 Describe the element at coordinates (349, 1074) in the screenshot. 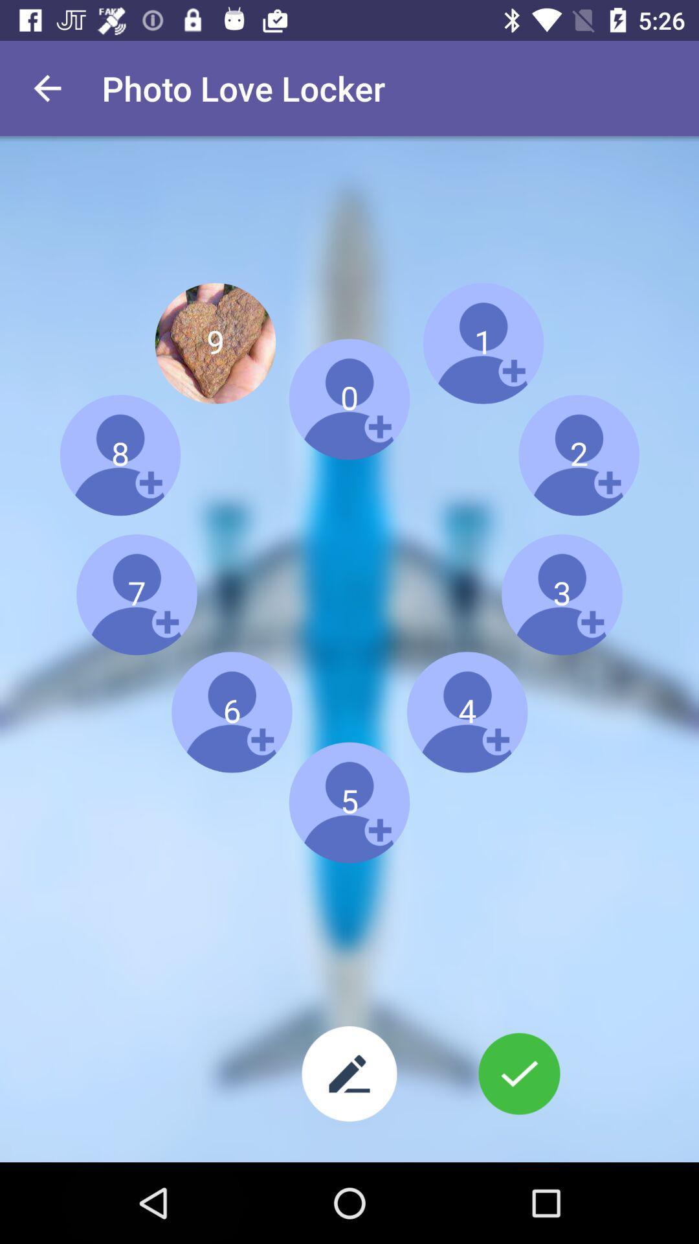

I see `the edit icon` at that location.